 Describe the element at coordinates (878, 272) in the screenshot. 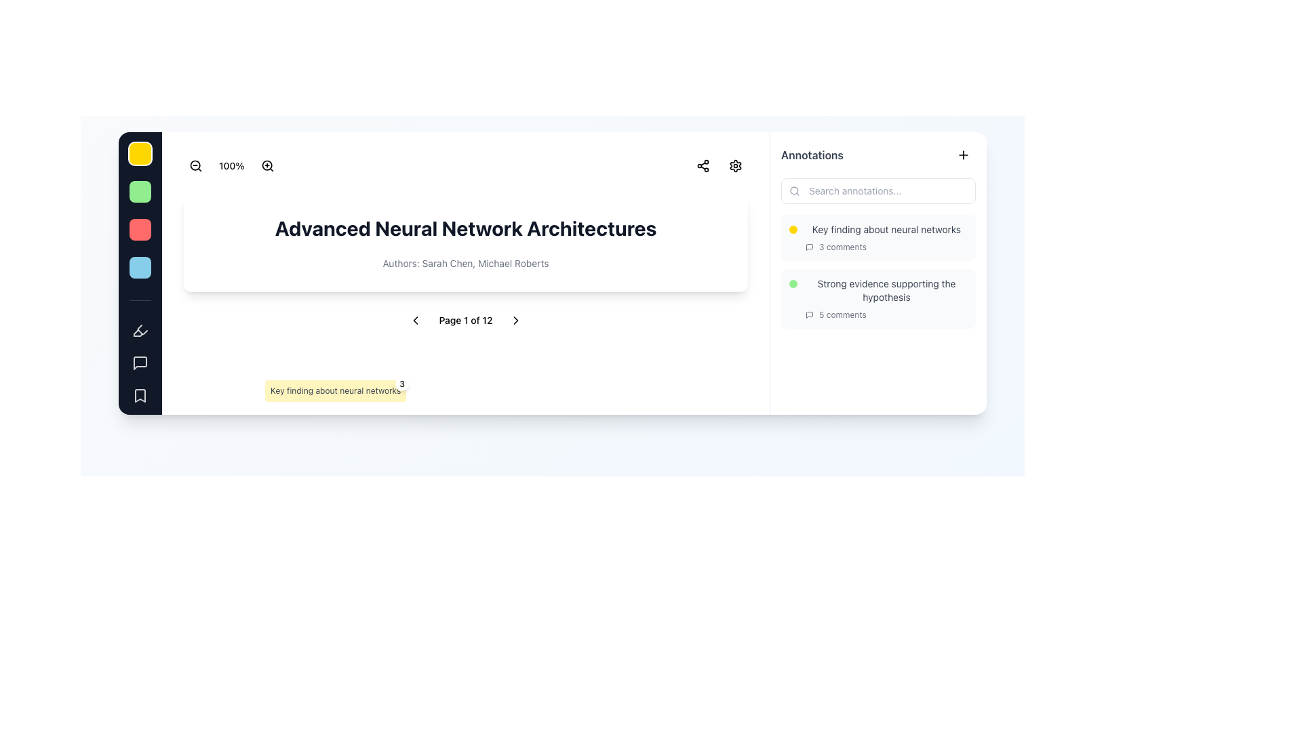

I see `the Interactive annotation card located in the 'Annotations' section at the right sidebar, specifically the second card below the 'Key finding about neural networks' card` at that location.